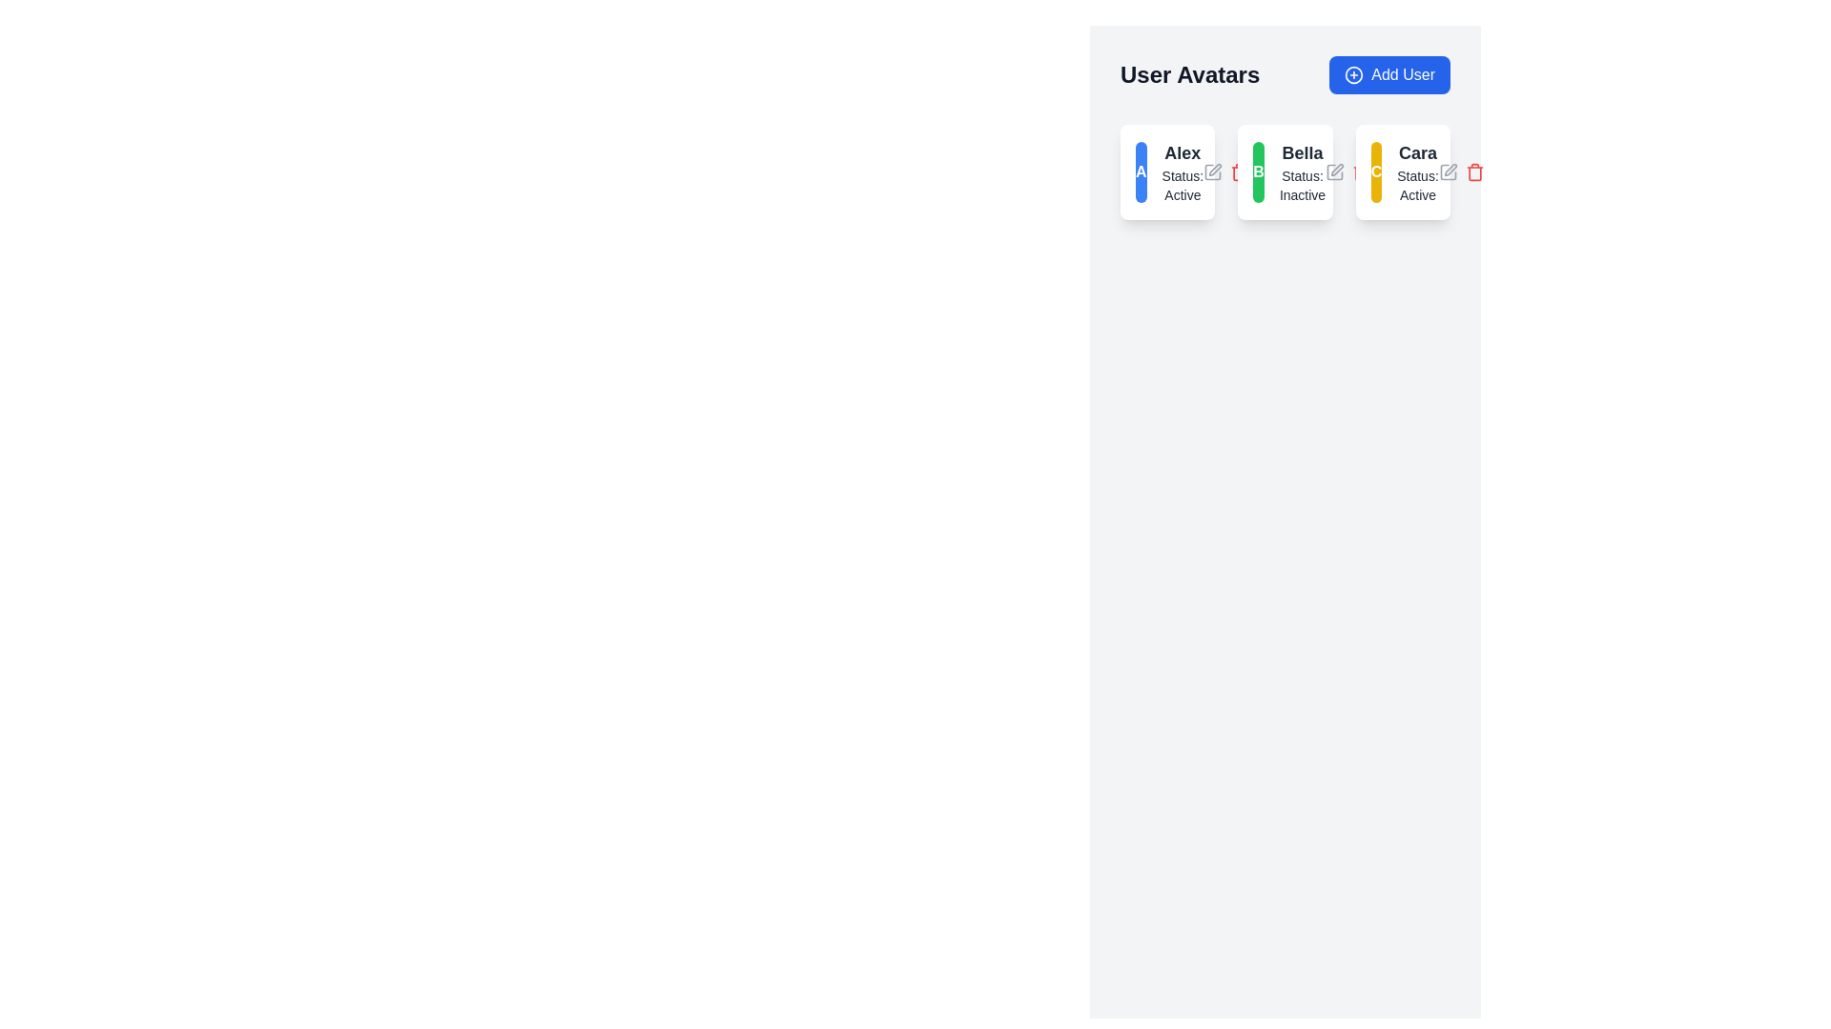 The image size is (1831, 1029). Describe the element at coordinates (1334, 172) in the screenshot. I see `the Edit icon located in the top-right corner of Bella's user card to initiate the editing operation` at that location.